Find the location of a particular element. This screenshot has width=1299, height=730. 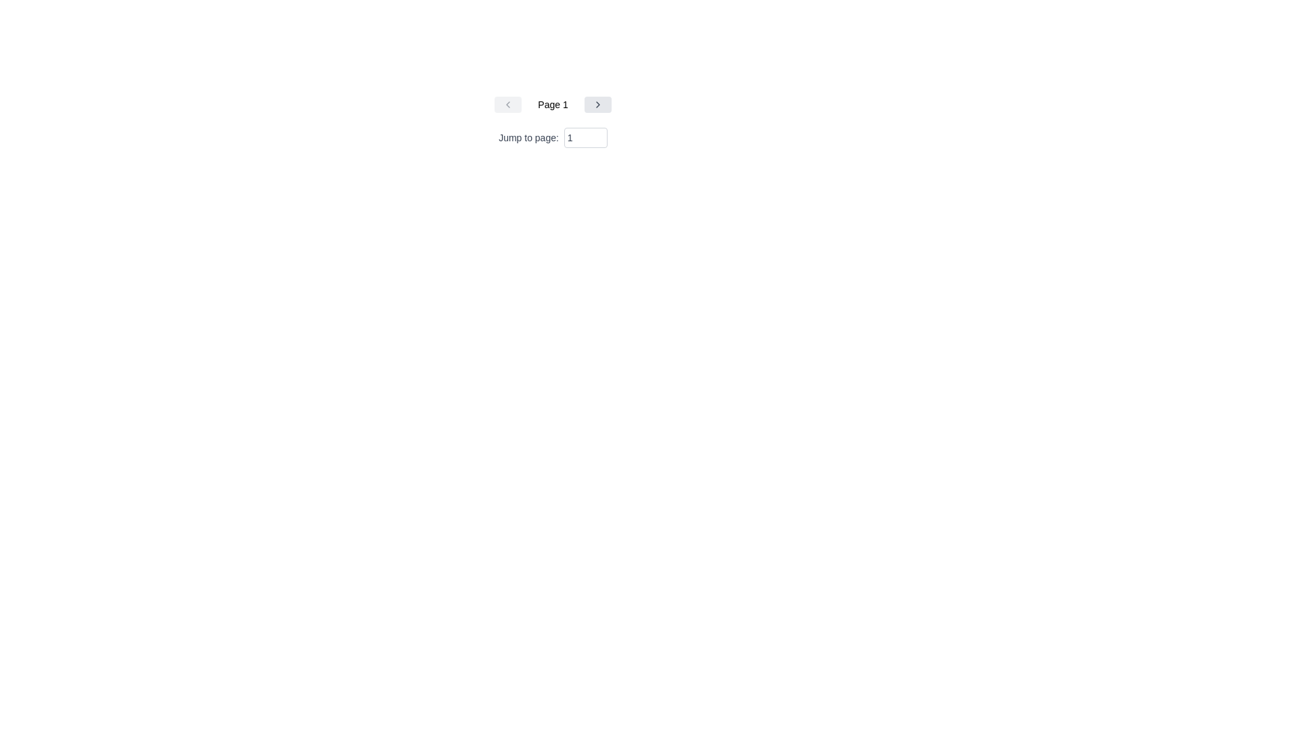

the chevron icon pointing to the right, located to the right of the 'Page 1' text is located at coordinates (597, 103).